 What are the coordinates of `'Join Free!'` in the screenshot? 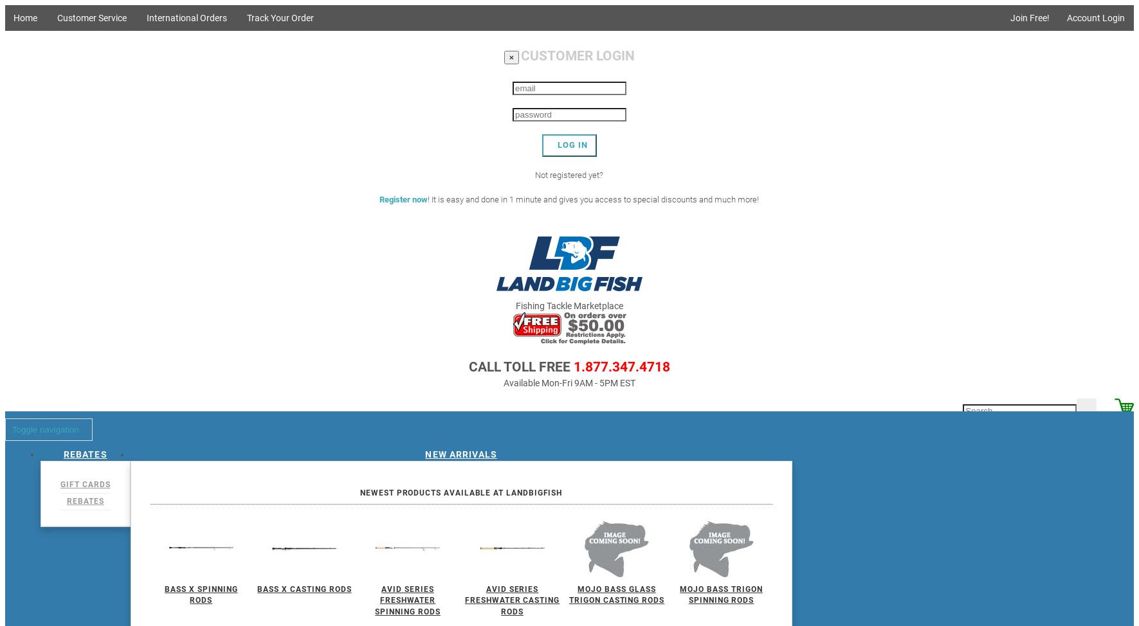 It's located at (1008, 17).